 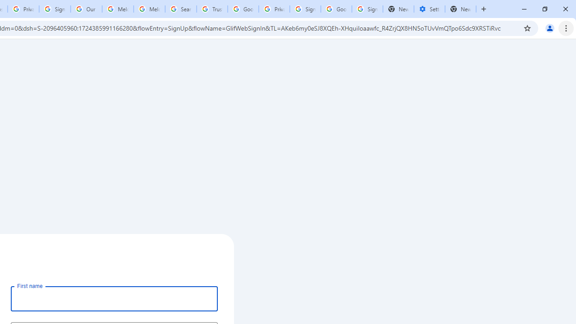 I want to click on 'New Tab', so click(x=461, y=9).